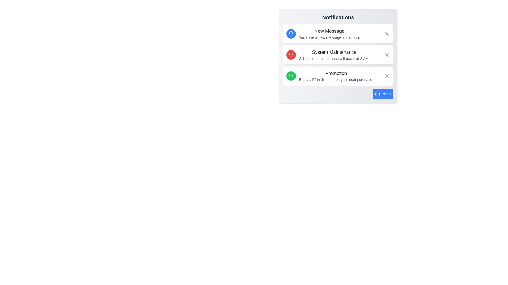  I want to click on the help button located at the bottom-right corner of the notifications panel, so click(383, 93).